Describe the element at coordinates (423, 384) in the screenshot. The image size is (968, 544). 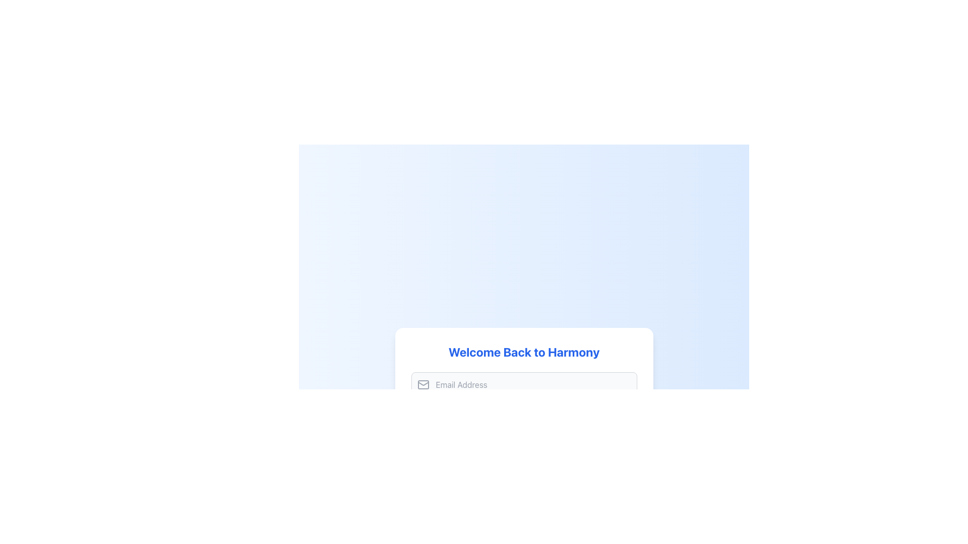
I see `the email envelope icon represented by the Graphic Icon Component` at that location.